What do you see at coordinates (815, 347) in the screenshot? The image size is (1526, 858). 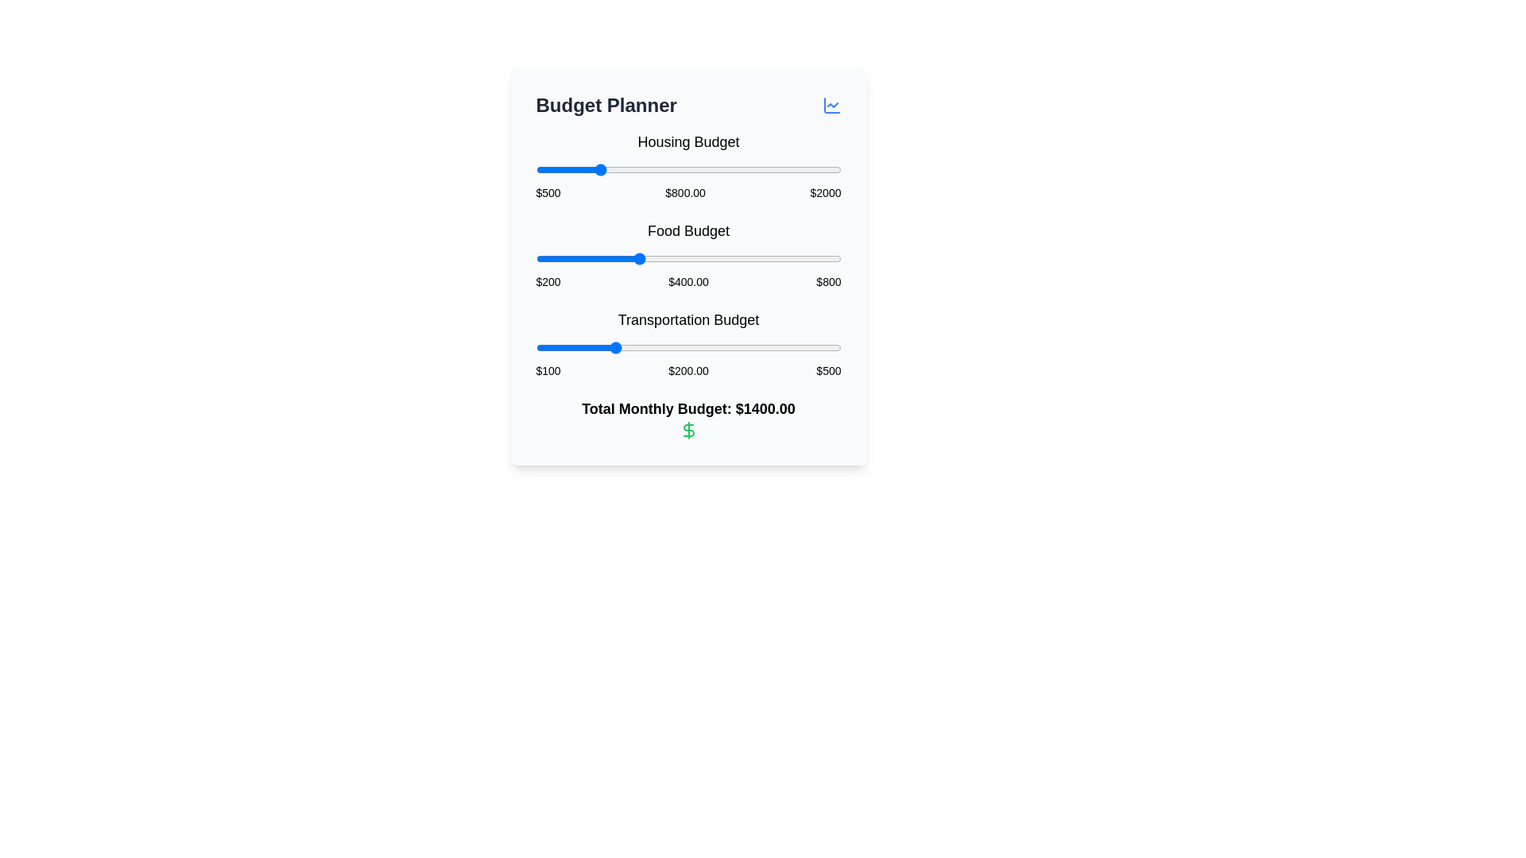 I see `the transportation budget` at bounding box center [815, 347].